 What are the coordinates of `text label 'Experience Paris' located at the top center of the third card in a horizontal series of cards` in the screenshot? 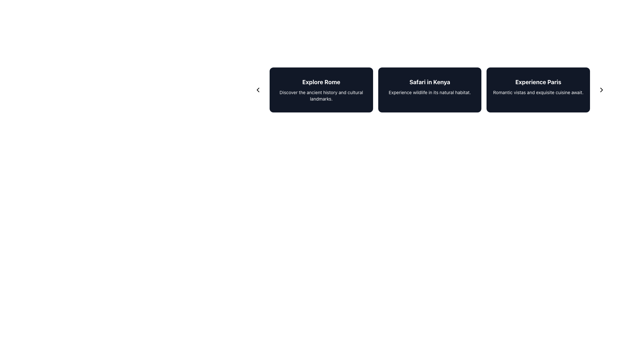 It's located at (538, 82).